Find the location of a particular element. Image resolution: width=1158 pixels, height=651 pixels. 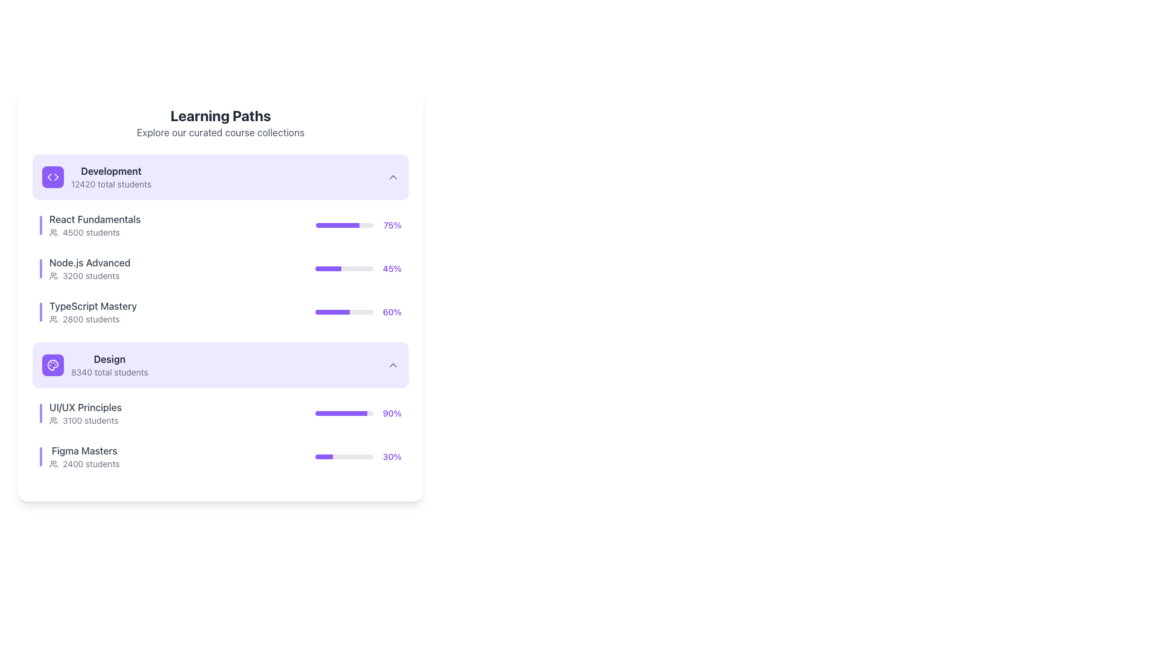

the 'Figma Masters' text element with an icon, which displays '2400 students' below it and is located under the 'UI/UX Principles' course category is located at coordinates (79, 457).